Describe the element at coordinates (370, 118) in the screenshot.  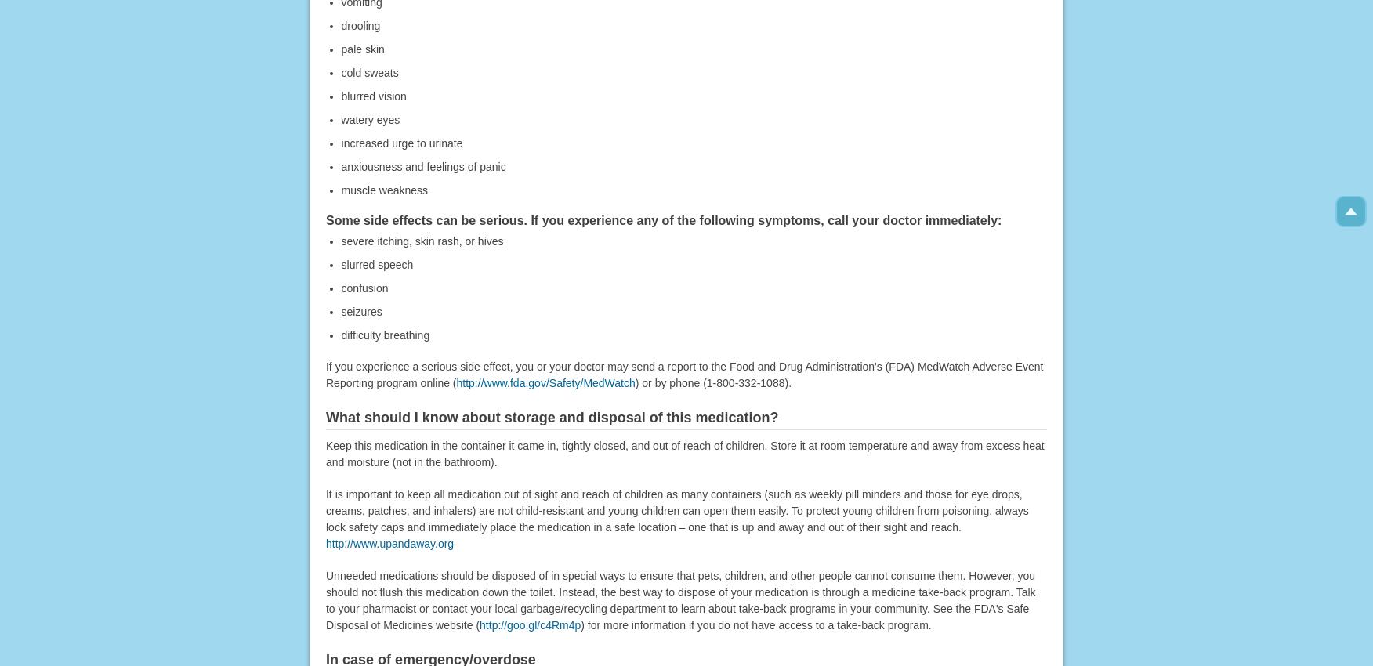
I see `'watery eyes'` at that location.